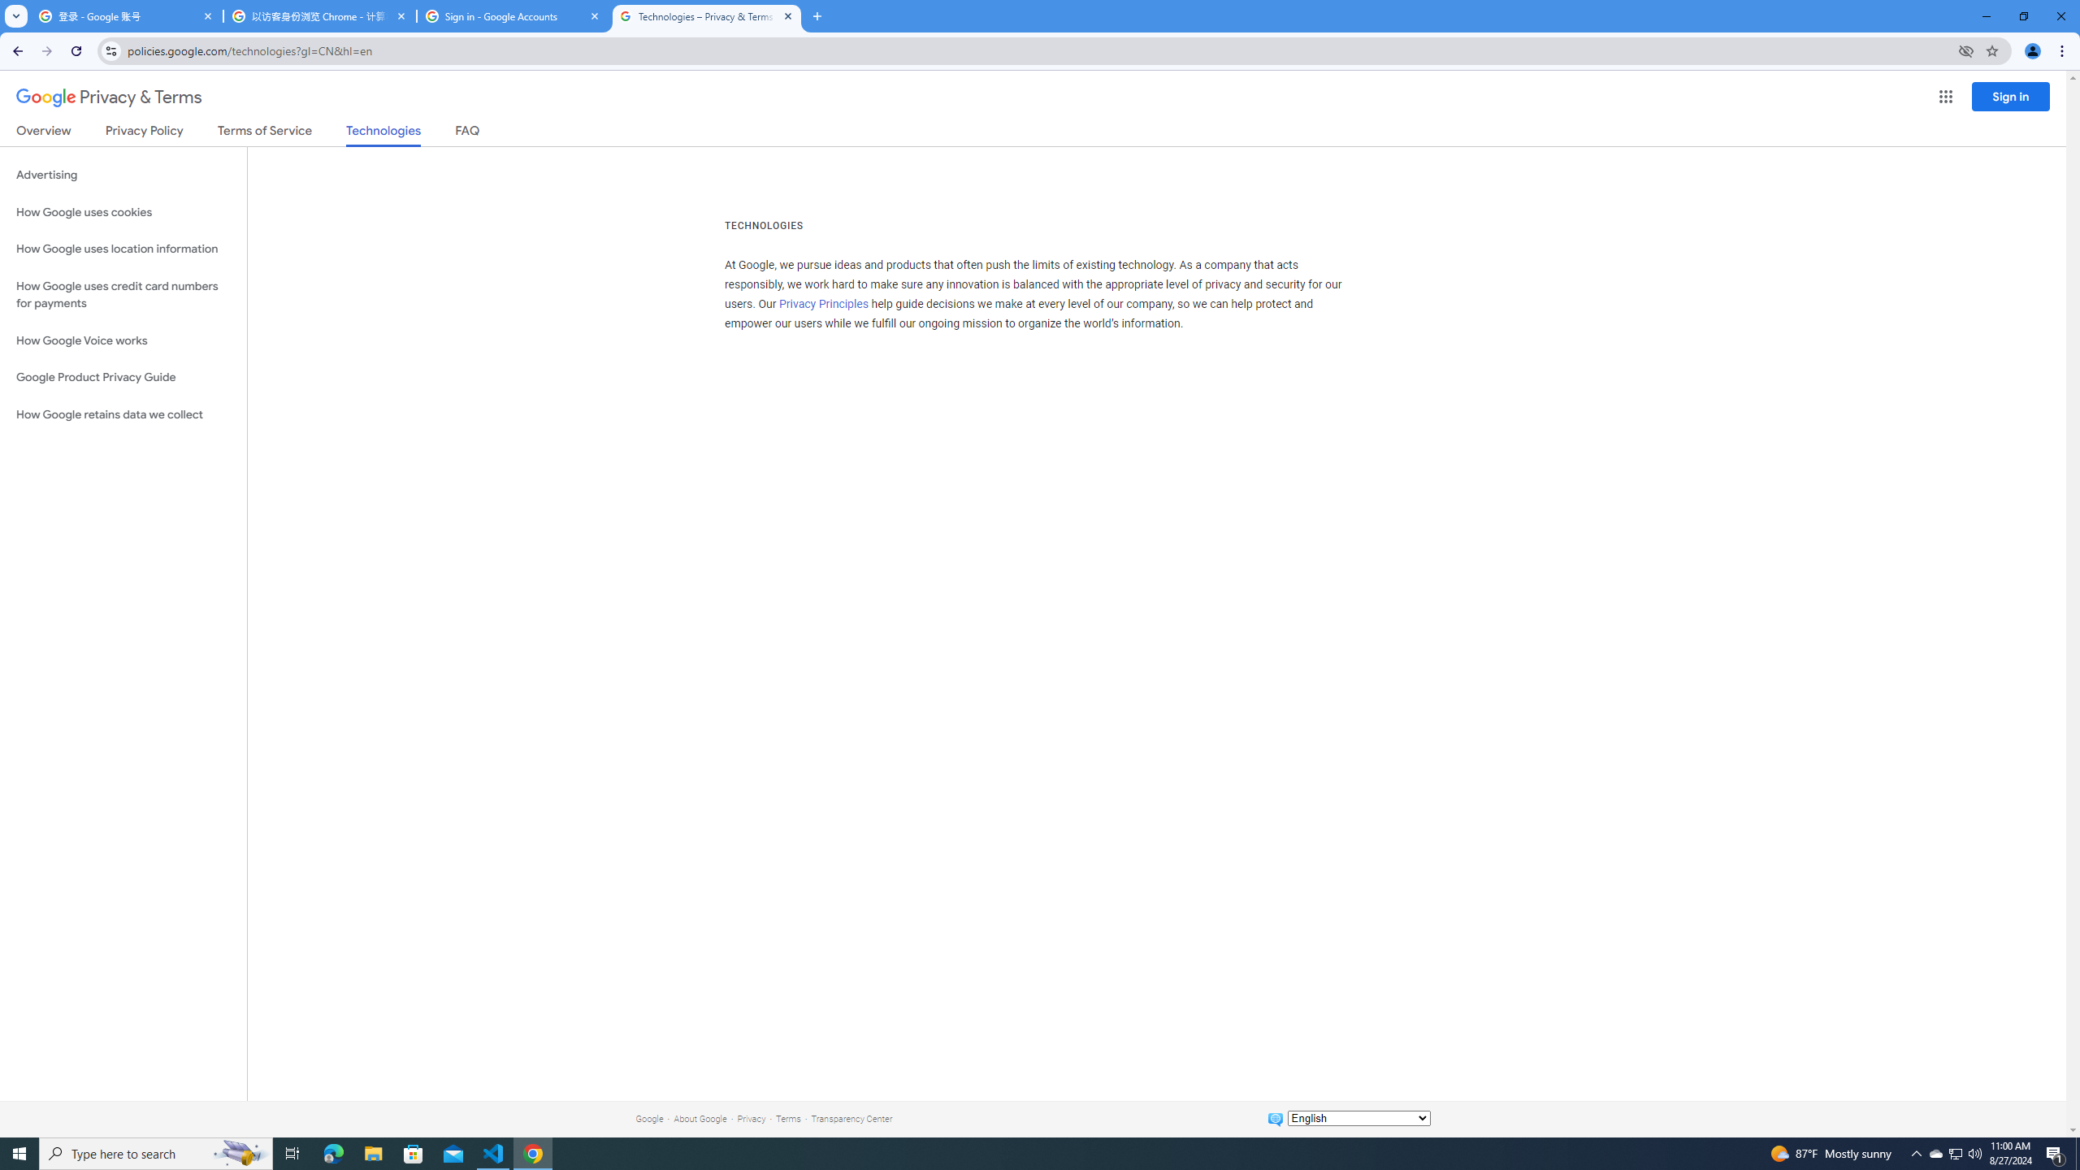 Image resolution: width=2080 pixels, height=1170 pixels. Describe the element at coordinates (123, 175) in the screenshot. I see `'Advertising'` at that location.